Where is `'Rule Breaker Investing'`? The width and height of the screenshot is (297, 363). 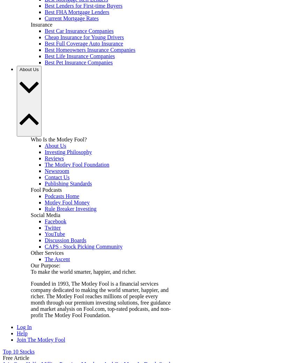
'Rule Breaker Investing' is located at coordinates (44, 209).